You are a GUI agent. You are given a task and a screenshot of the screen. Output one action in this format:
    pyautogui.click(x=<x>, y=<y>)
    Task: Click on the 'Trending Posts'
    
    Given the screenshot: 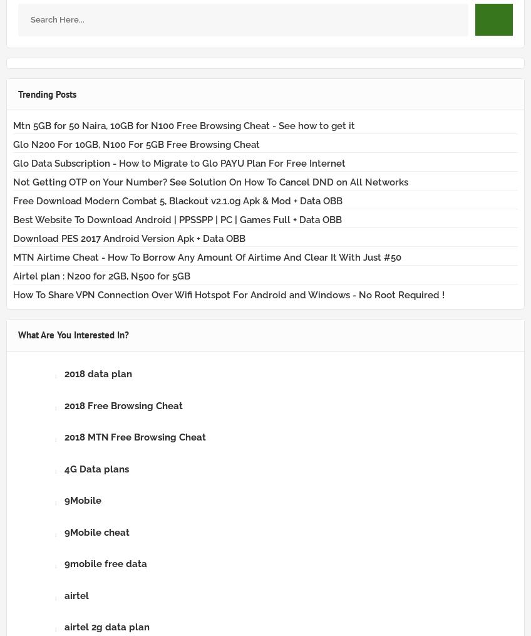 What is the action you would take?
    pyautogui.click(x=18, y=93)
    